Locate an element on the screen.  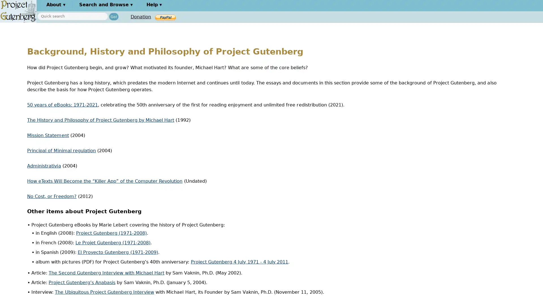
Go! is located at coordinates (113, 16).